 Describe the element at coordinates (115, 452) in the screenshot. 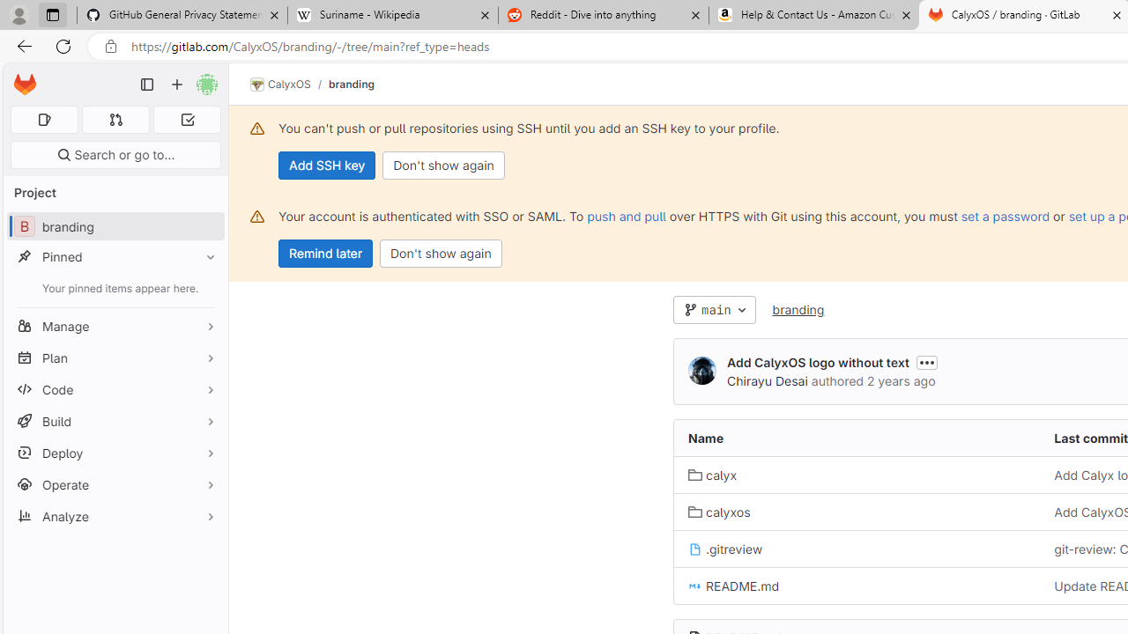

I see `'Deploy'` at that location.